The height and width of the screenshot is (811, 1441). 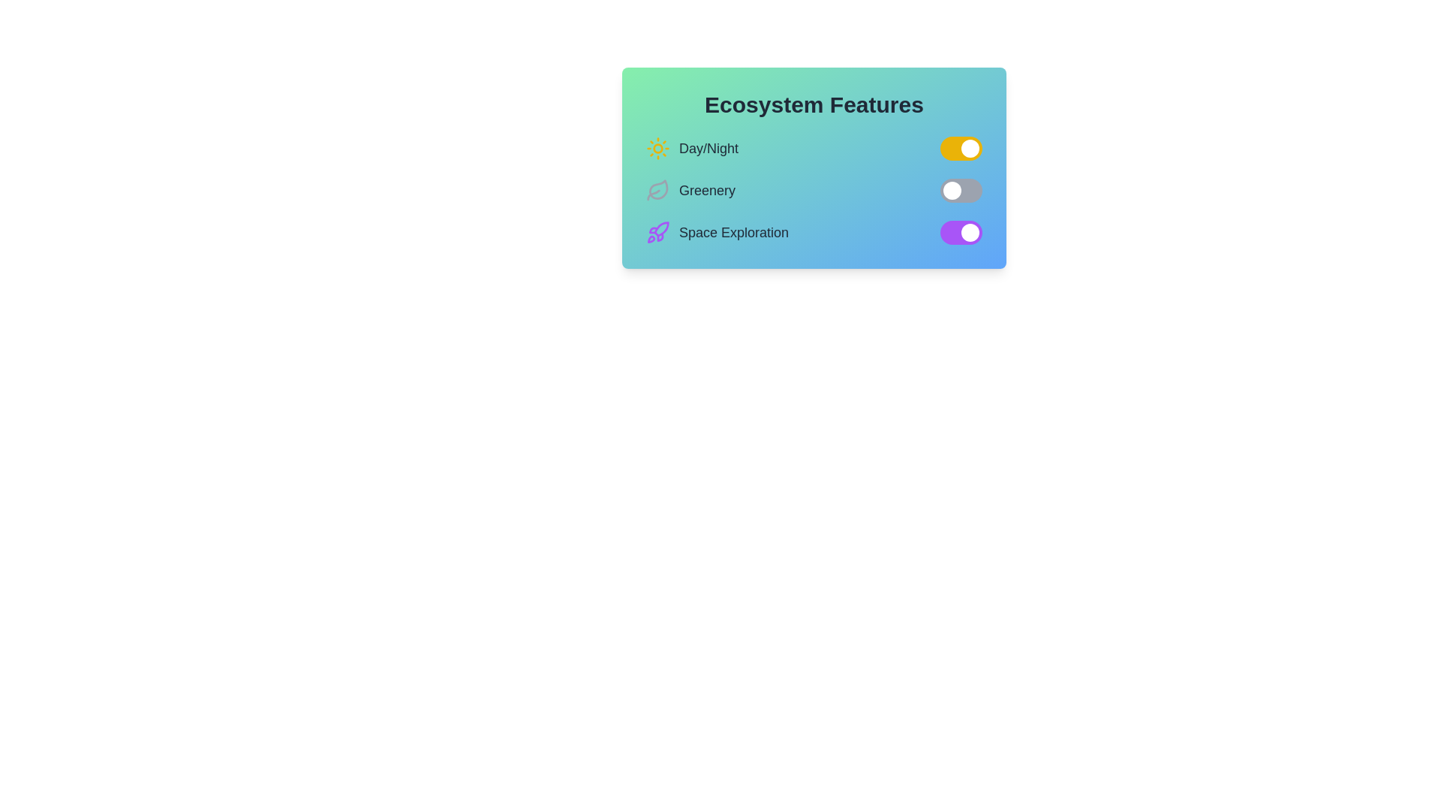 I want to click on the toggle switch for the 'Space Exploration' feature to change its state, positioned on the third row under 'Ecosystem Features', so click(x=961, y=232).